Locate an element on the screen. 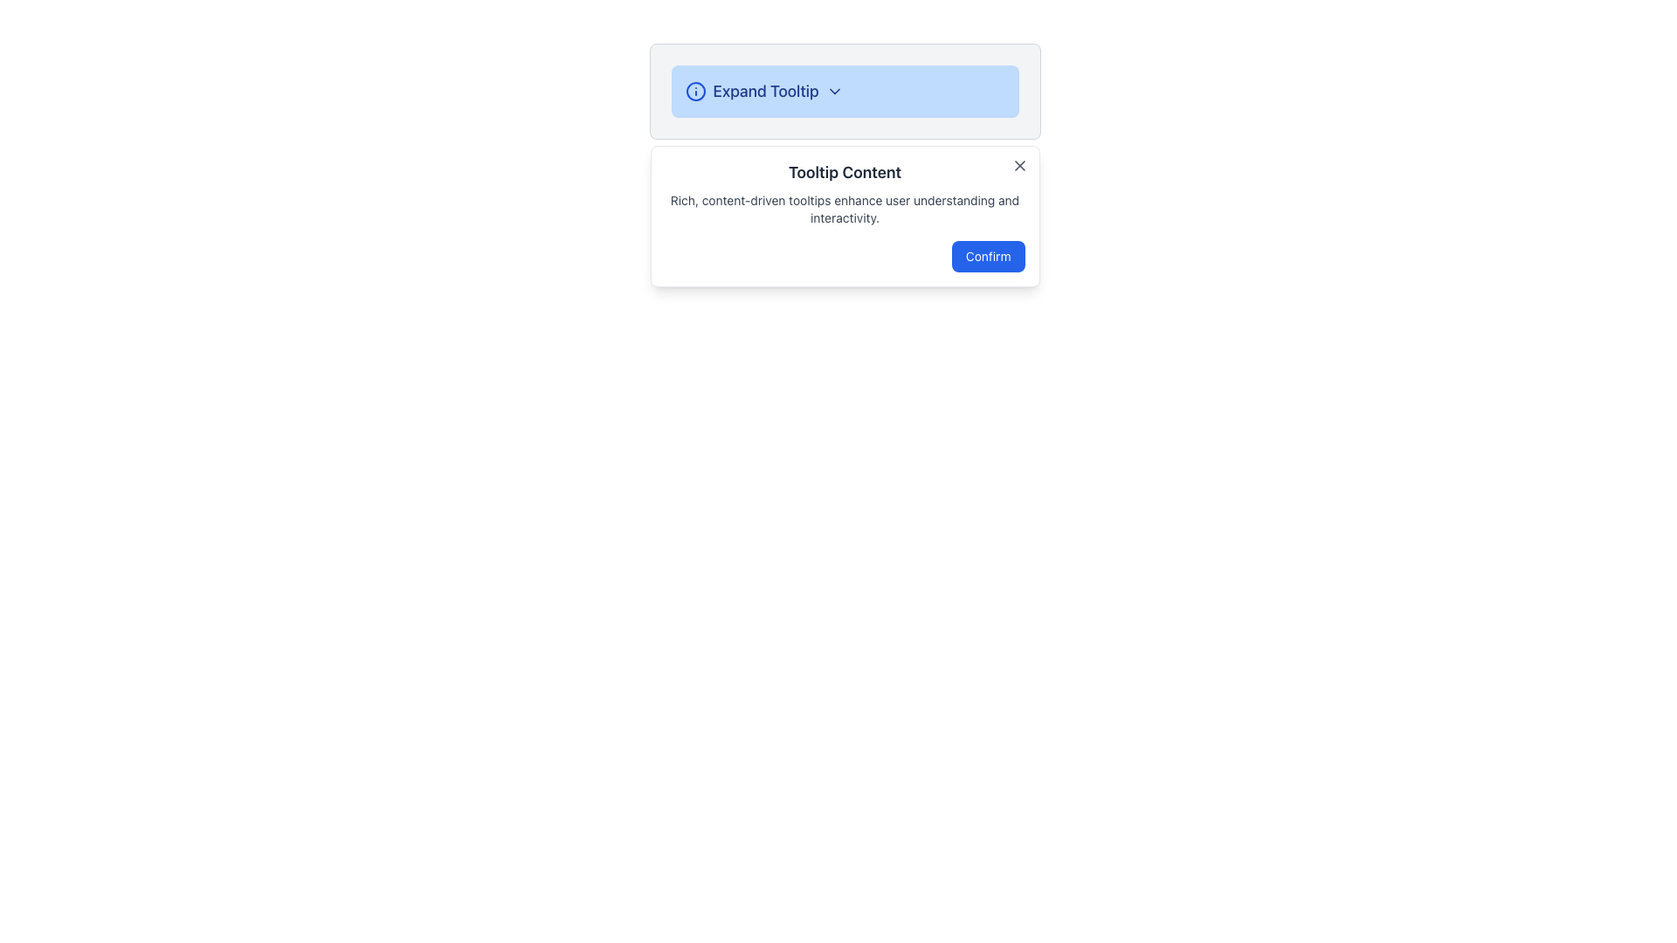  the 'Confirm' button with a blue background and white text located at the bottom right corner of the tooltip-like dialog box to confirm the action is located at coordinates (988, 256).